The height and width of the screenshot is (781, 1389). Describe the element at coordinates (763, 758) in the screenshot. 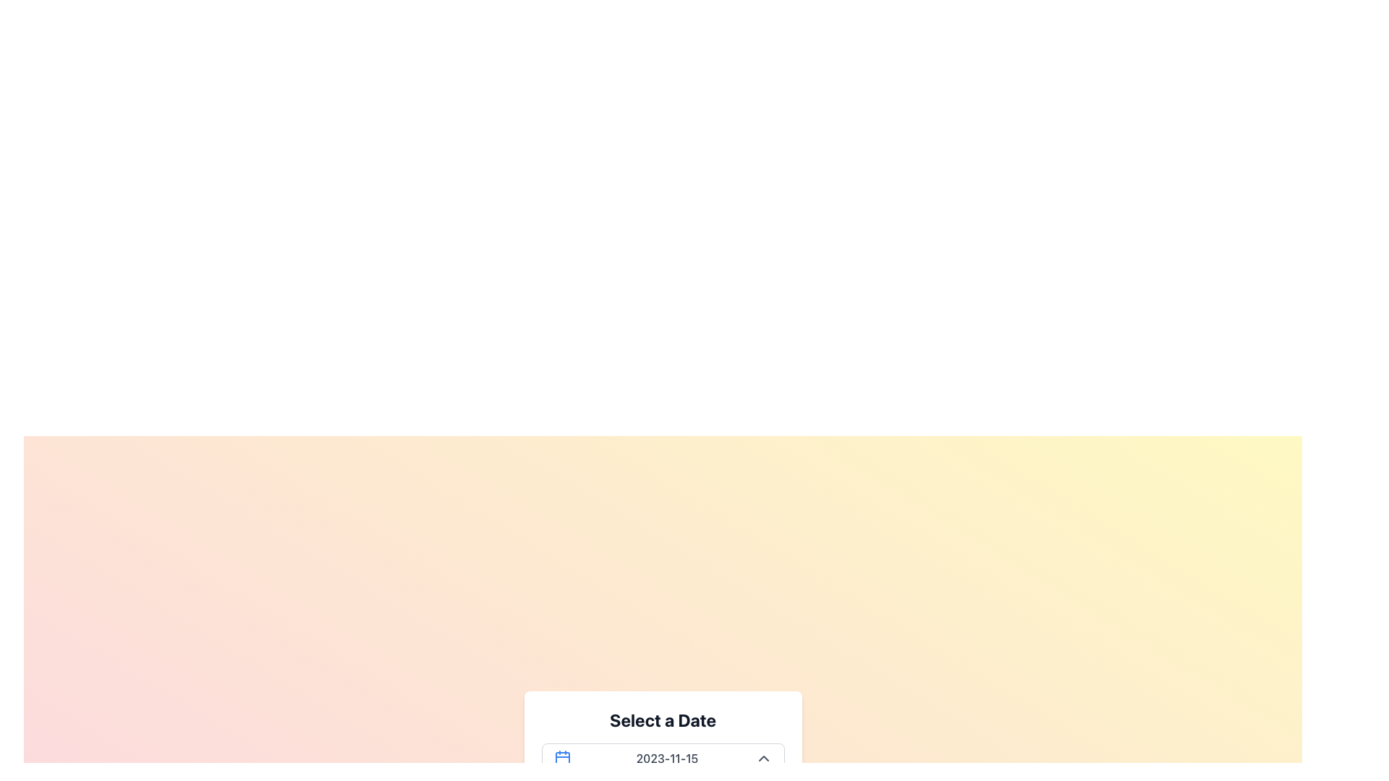

I see `the small upward-pointing chevron icon located to the right of the displayed date text in the date selection interface` at that location.